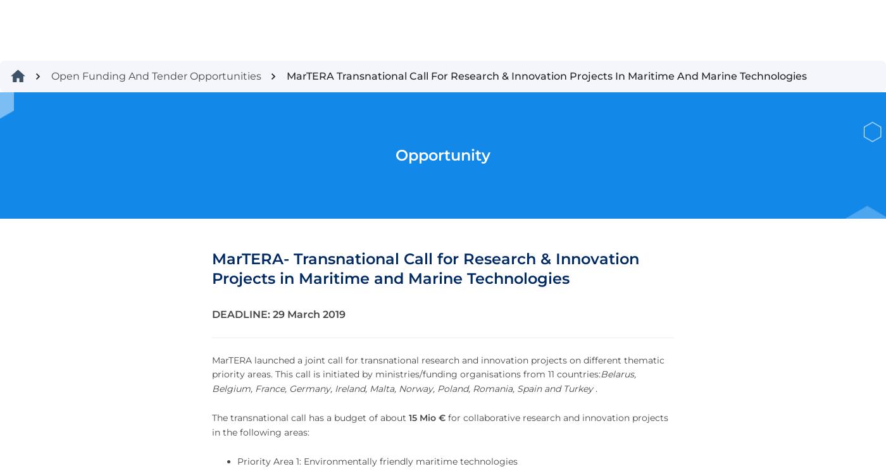 The height and width of the screenshot is (476, 886). What do you see at coordinates (20, 302) in the screenshot?
I see `'Helpdesk'` at bounding box center [20, 302].